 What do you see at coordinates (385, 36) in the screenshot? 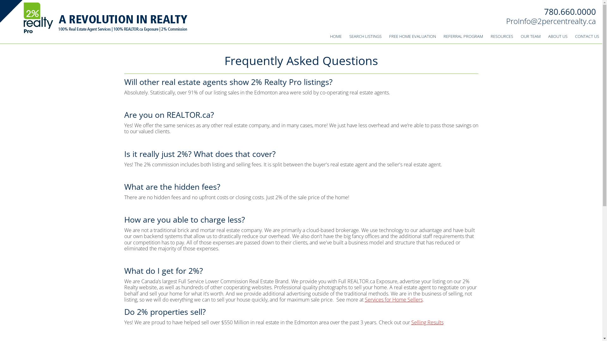
I see `'FREE HOME EVALUATION'` at bounding box center [385, 36].